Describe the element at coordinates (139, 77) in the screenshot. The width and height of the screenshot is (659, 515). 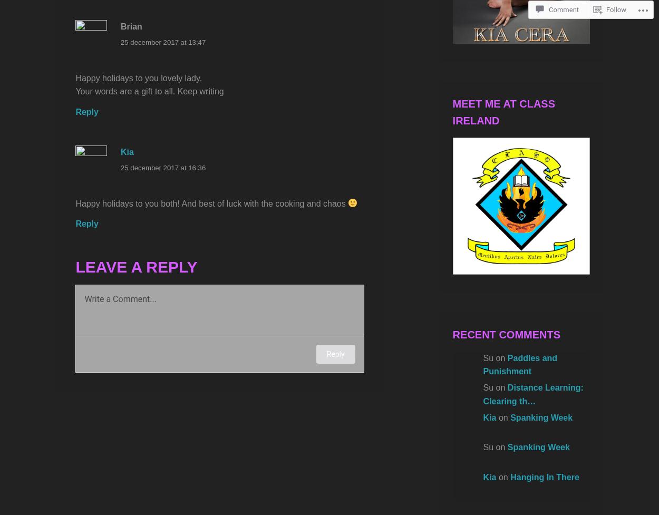
I see `'Happy holidays to you lovely lady.'` at that location.